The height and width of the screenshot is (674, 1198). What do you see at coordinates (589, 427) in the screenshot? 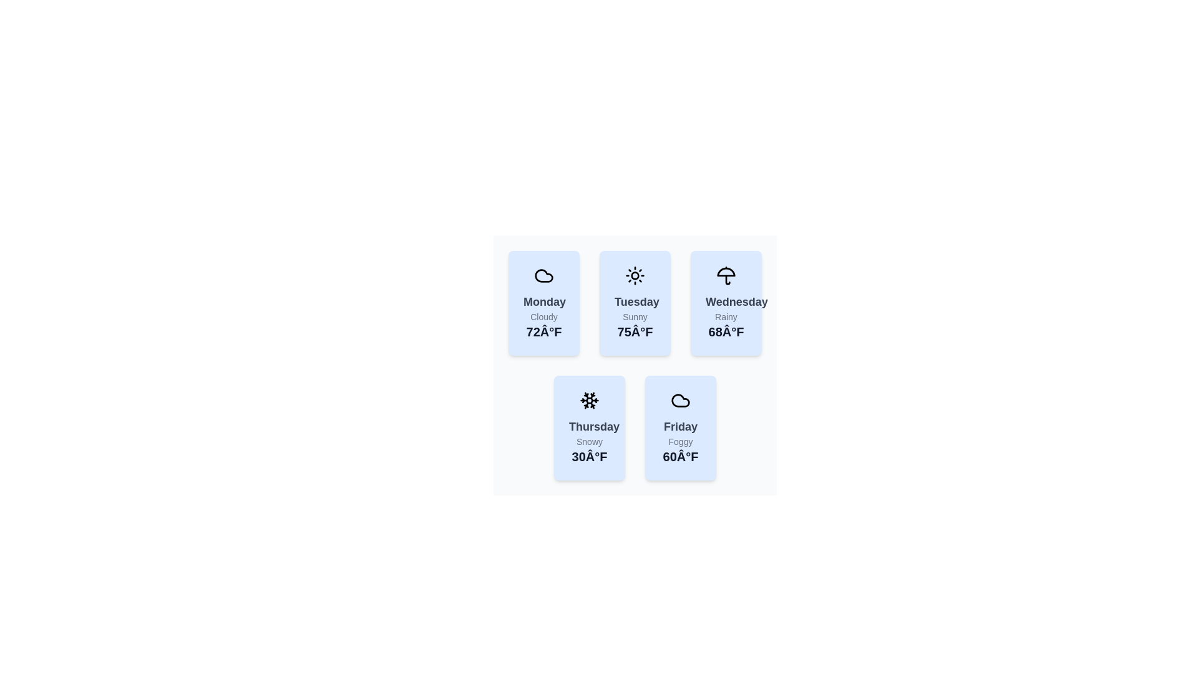
I see `the static informational weather card with a snowflake icon, displaying 'Thursday', 'Snowy', and '30°F', located in the second row, first column of the grid` at bounding box center [589, 427].